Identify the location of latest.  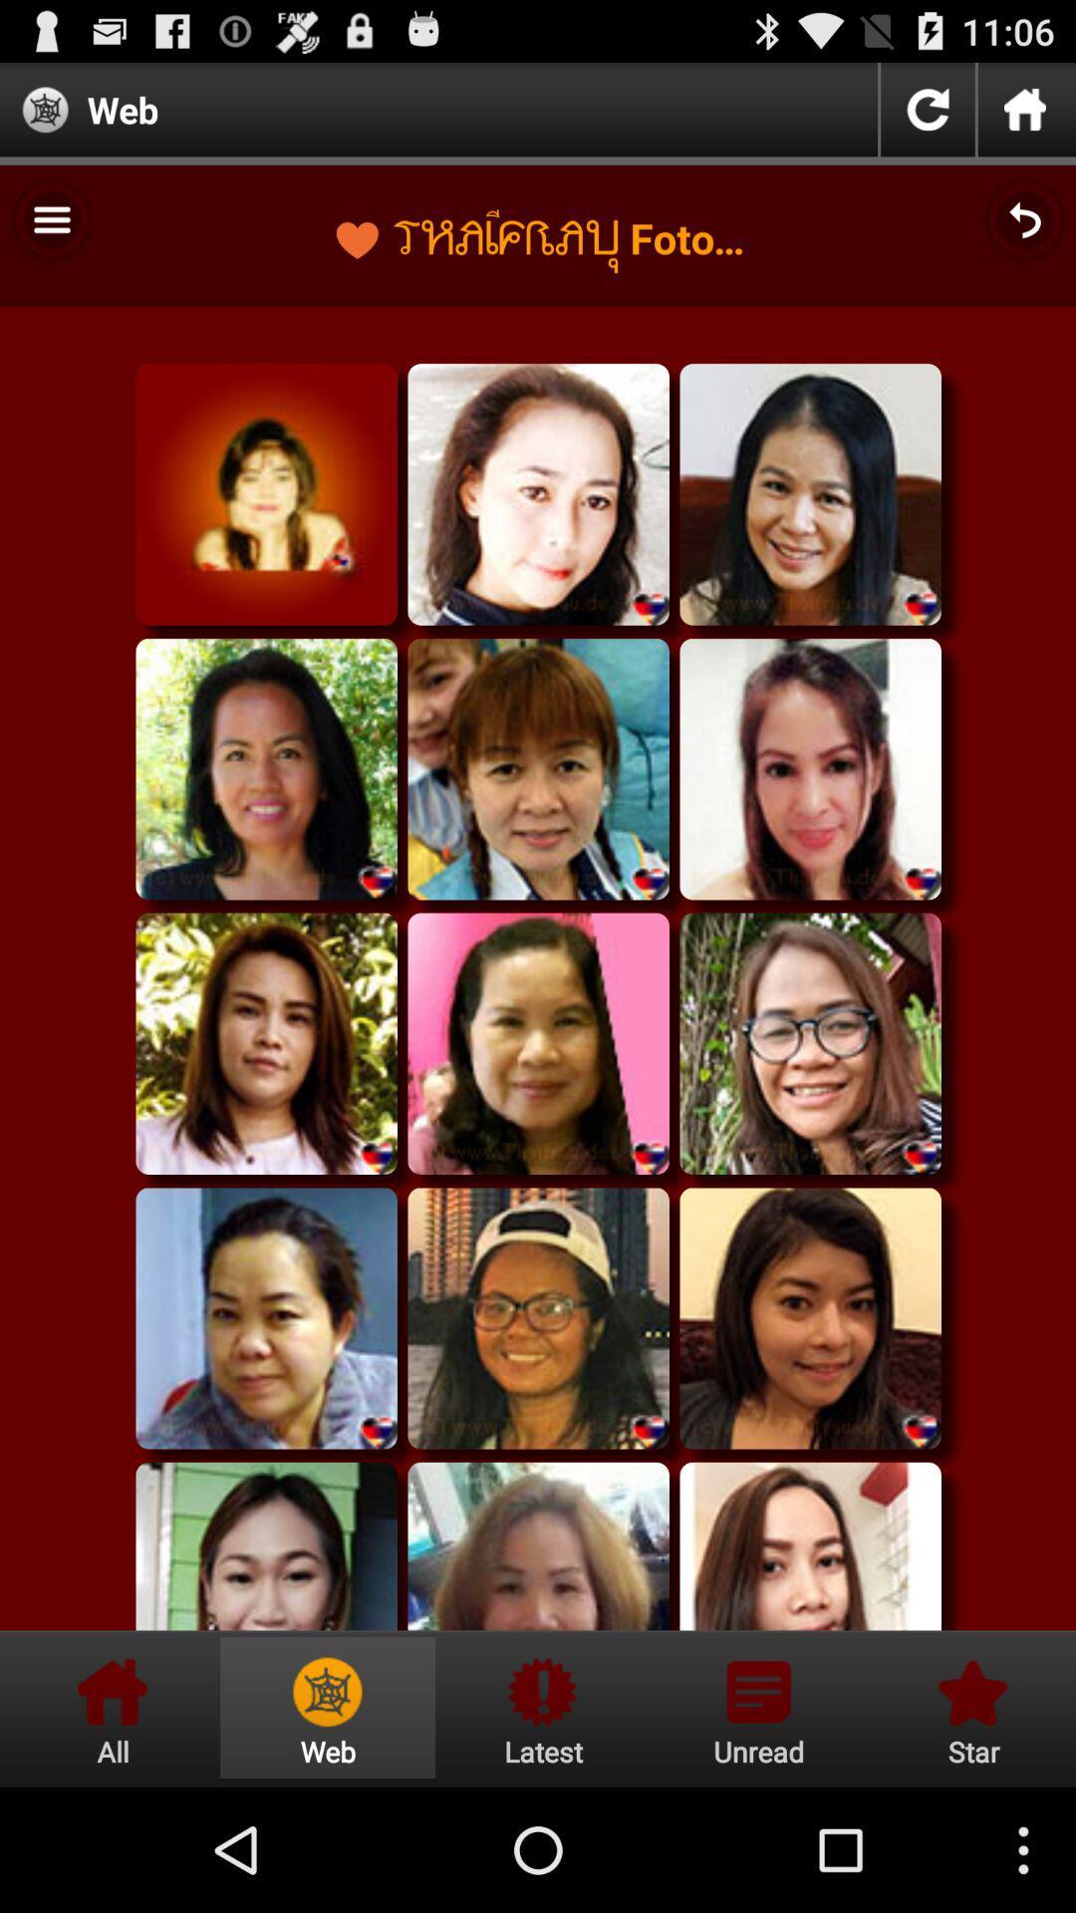
(543, 1707).